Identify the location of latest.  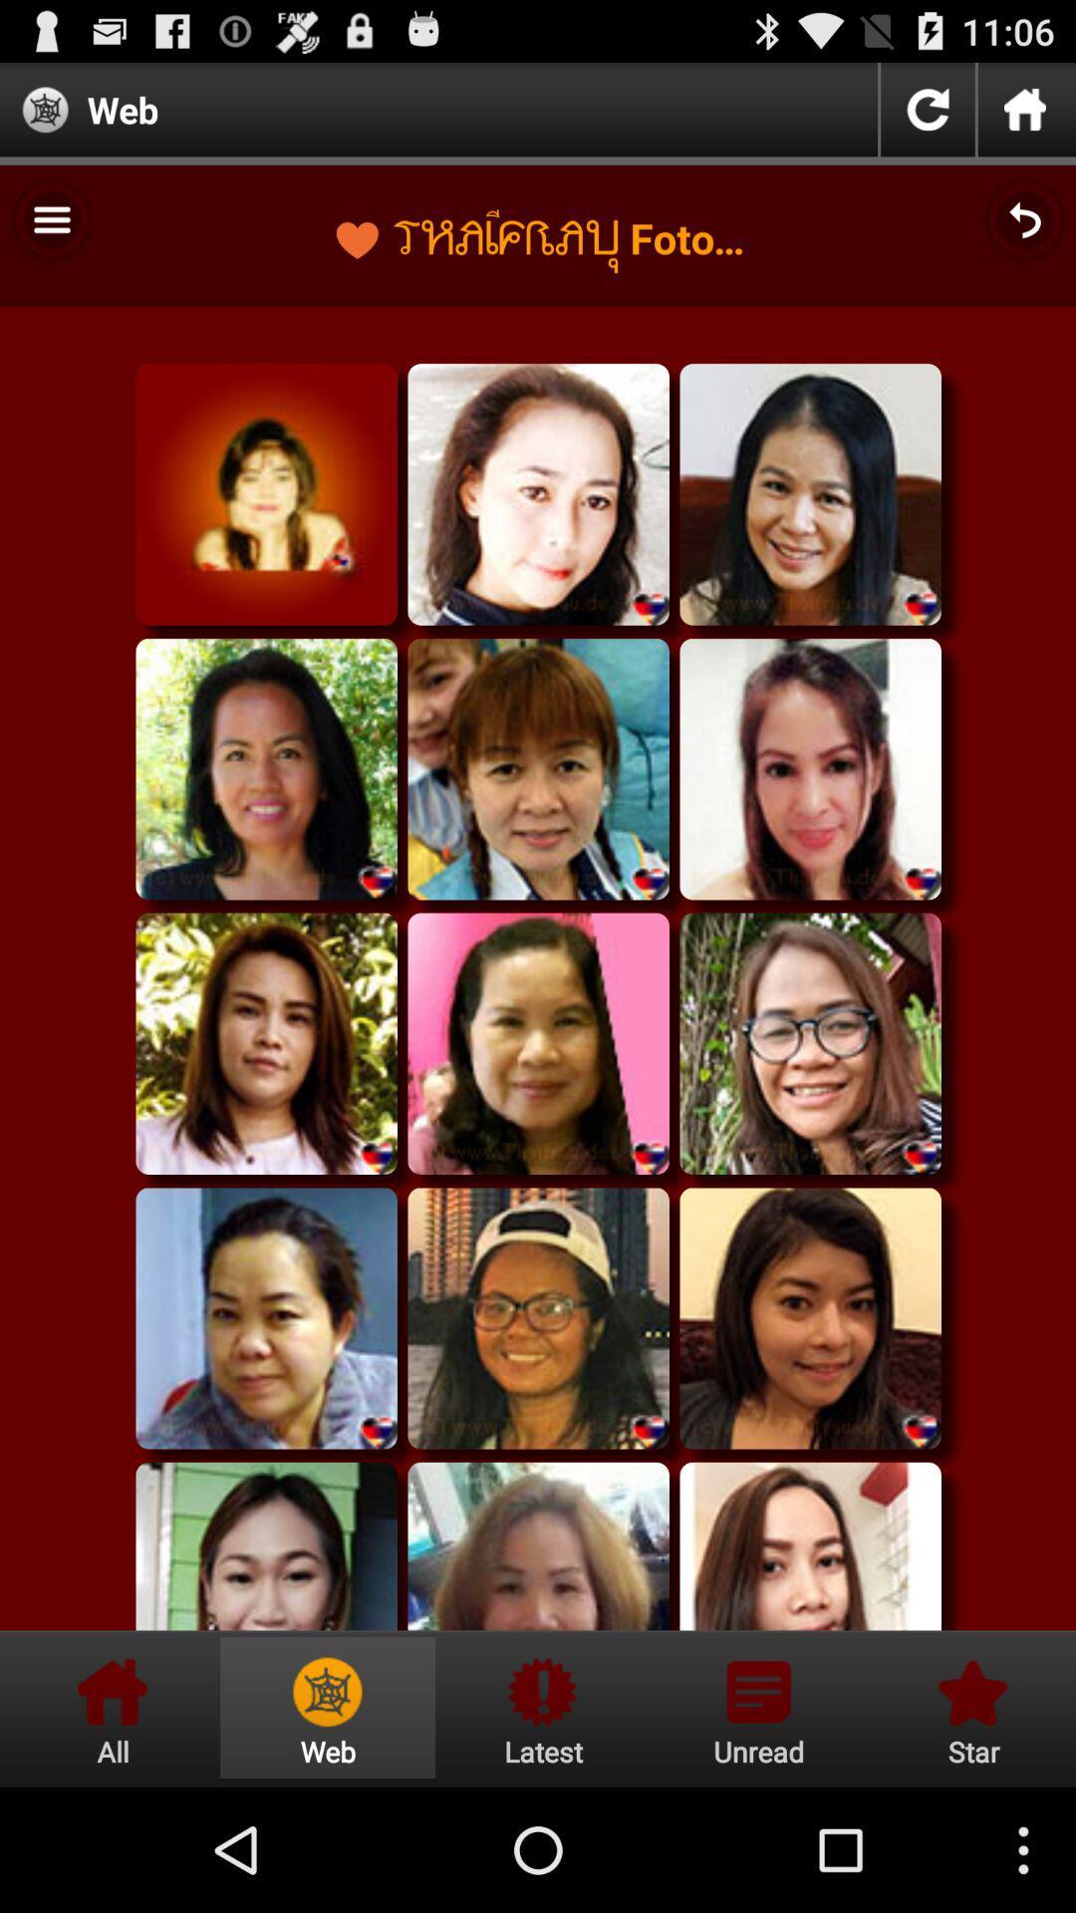
(543, 1707).